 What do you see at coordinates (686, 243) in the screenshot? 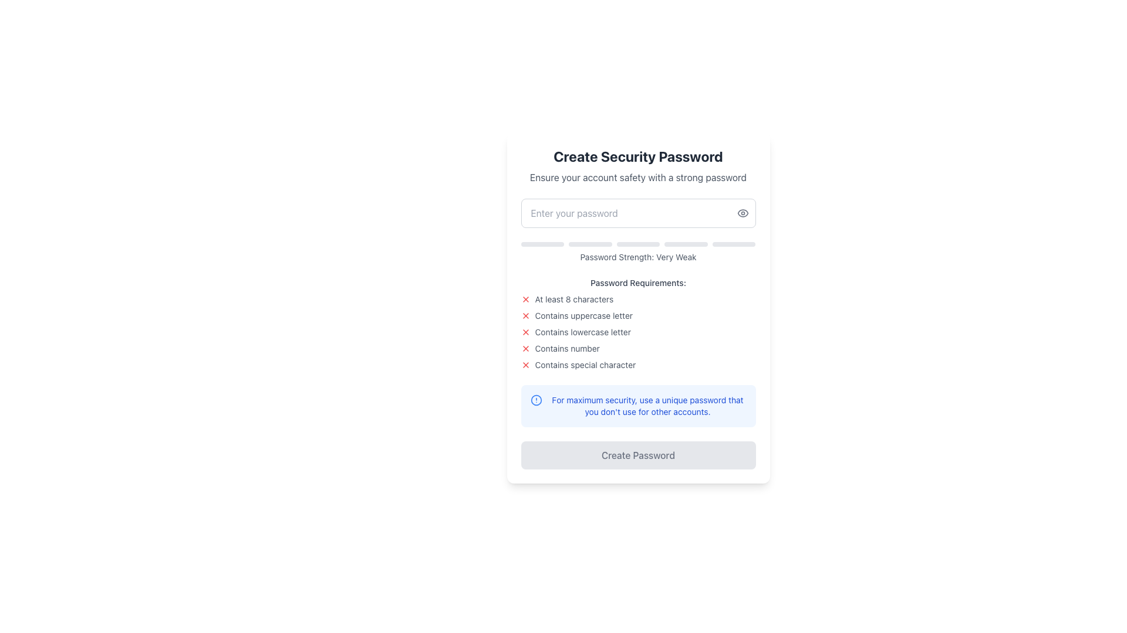
I see `the fourth segment of the progress indicator, which represents the completion level of the password strength, located below 'Password Strength: Very Weak'` at bounding box center [686, 243].